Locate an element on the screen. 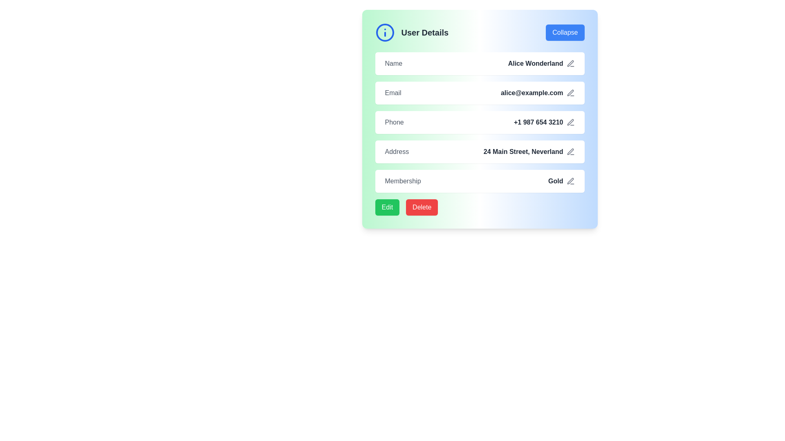 The image size is (785, 441). the bright red 'Delete' button with rounded corners to initiate the delete action is located at coordinates (422, 207).